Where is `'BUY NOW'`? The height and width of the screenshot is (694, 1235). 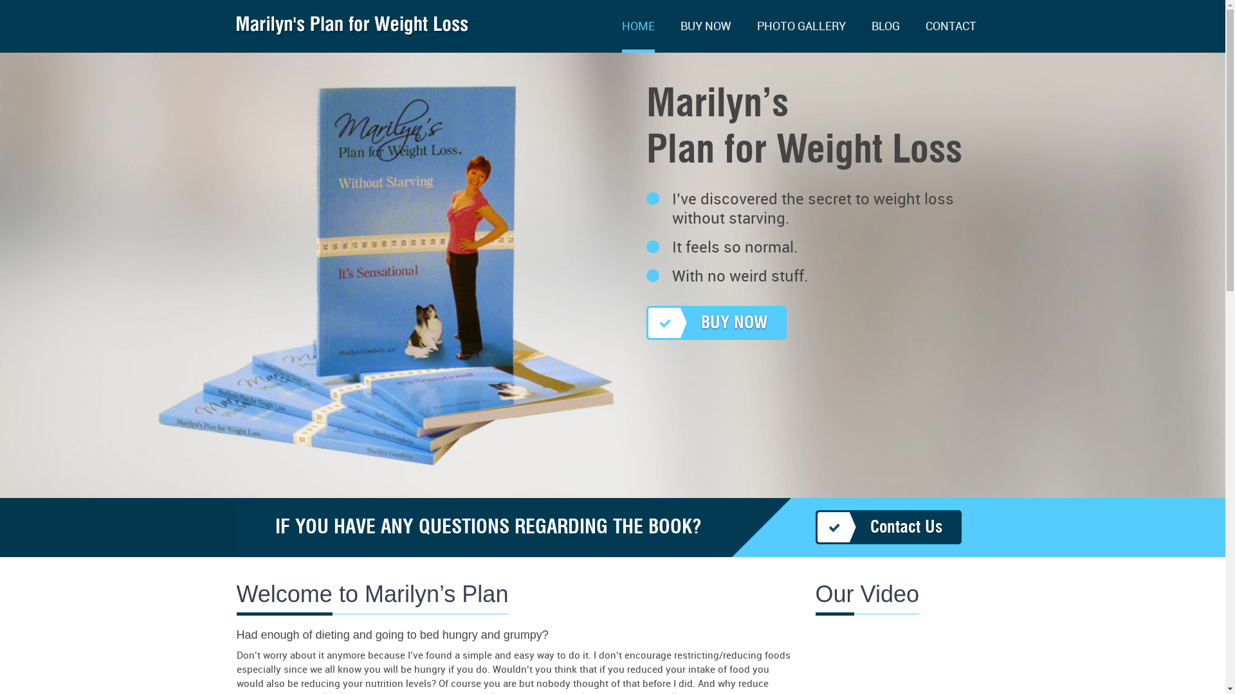
'BUY NOW' is located at coordinates (705, 36).